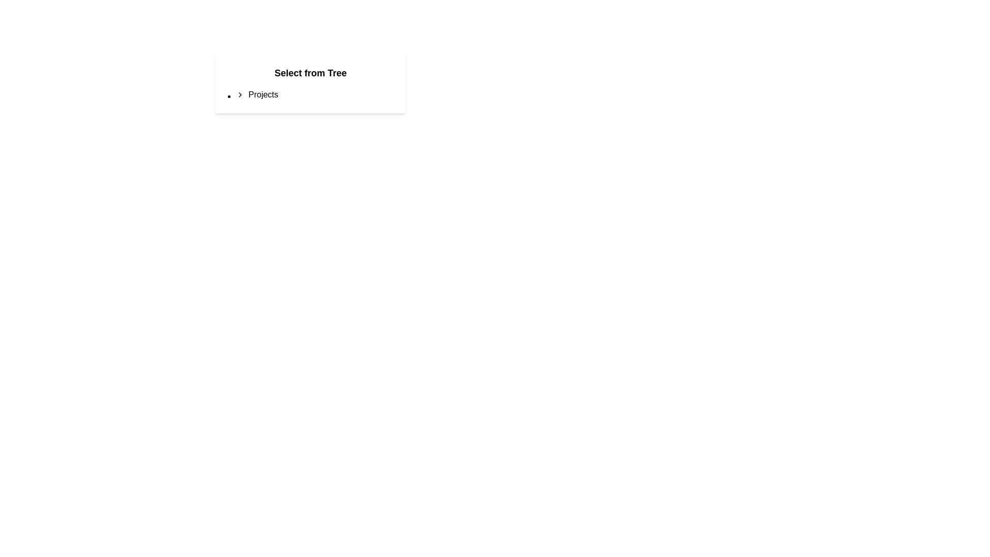  What do you see at coordinates (310, 73) in the screenshot?
I see `the static text label displaying 'Select from Tree', which is a bold header positioned above the 'Projects' section` at bounding box center [310, 73].